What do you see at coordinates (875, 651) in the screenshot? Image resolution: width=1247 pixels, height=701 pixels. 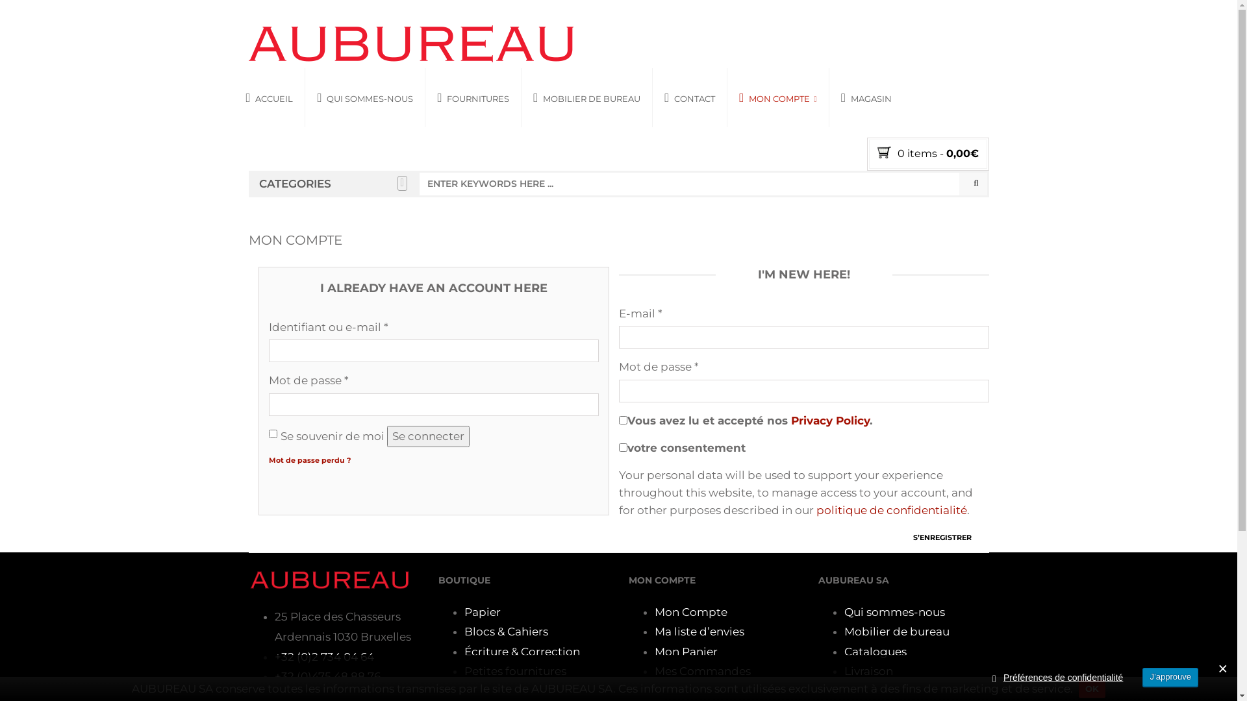 I see `'Catalogues'` at bounding box center [875, 651].